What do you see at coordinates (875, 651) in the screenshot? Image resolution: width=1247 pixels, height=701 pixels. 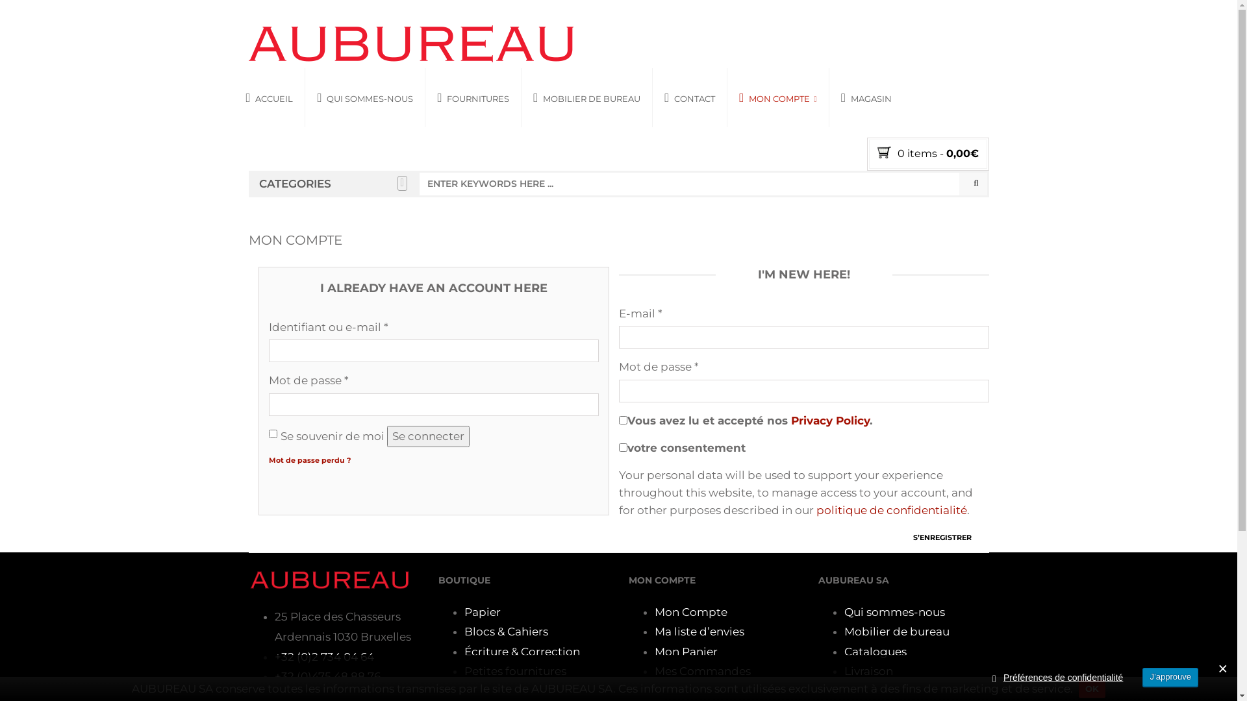 I see `'Catalogues'` at bounding box center [875, 651].